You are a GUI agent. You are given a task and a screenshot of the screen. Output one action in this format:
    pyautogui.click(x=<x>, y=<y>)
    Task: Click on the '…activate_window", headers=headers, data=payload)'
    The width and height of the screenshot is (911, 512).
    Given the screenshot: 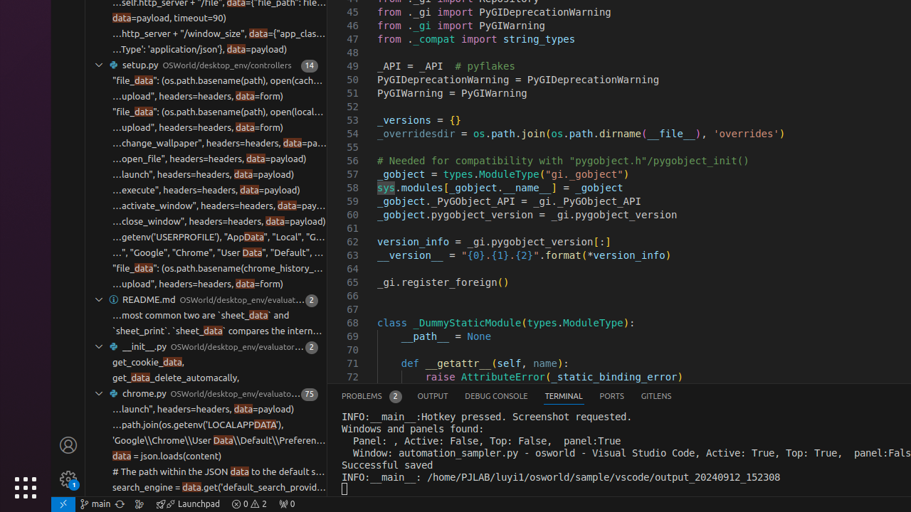 What is the action you would take?
    pyautogui.click(x=218, y=206)
    